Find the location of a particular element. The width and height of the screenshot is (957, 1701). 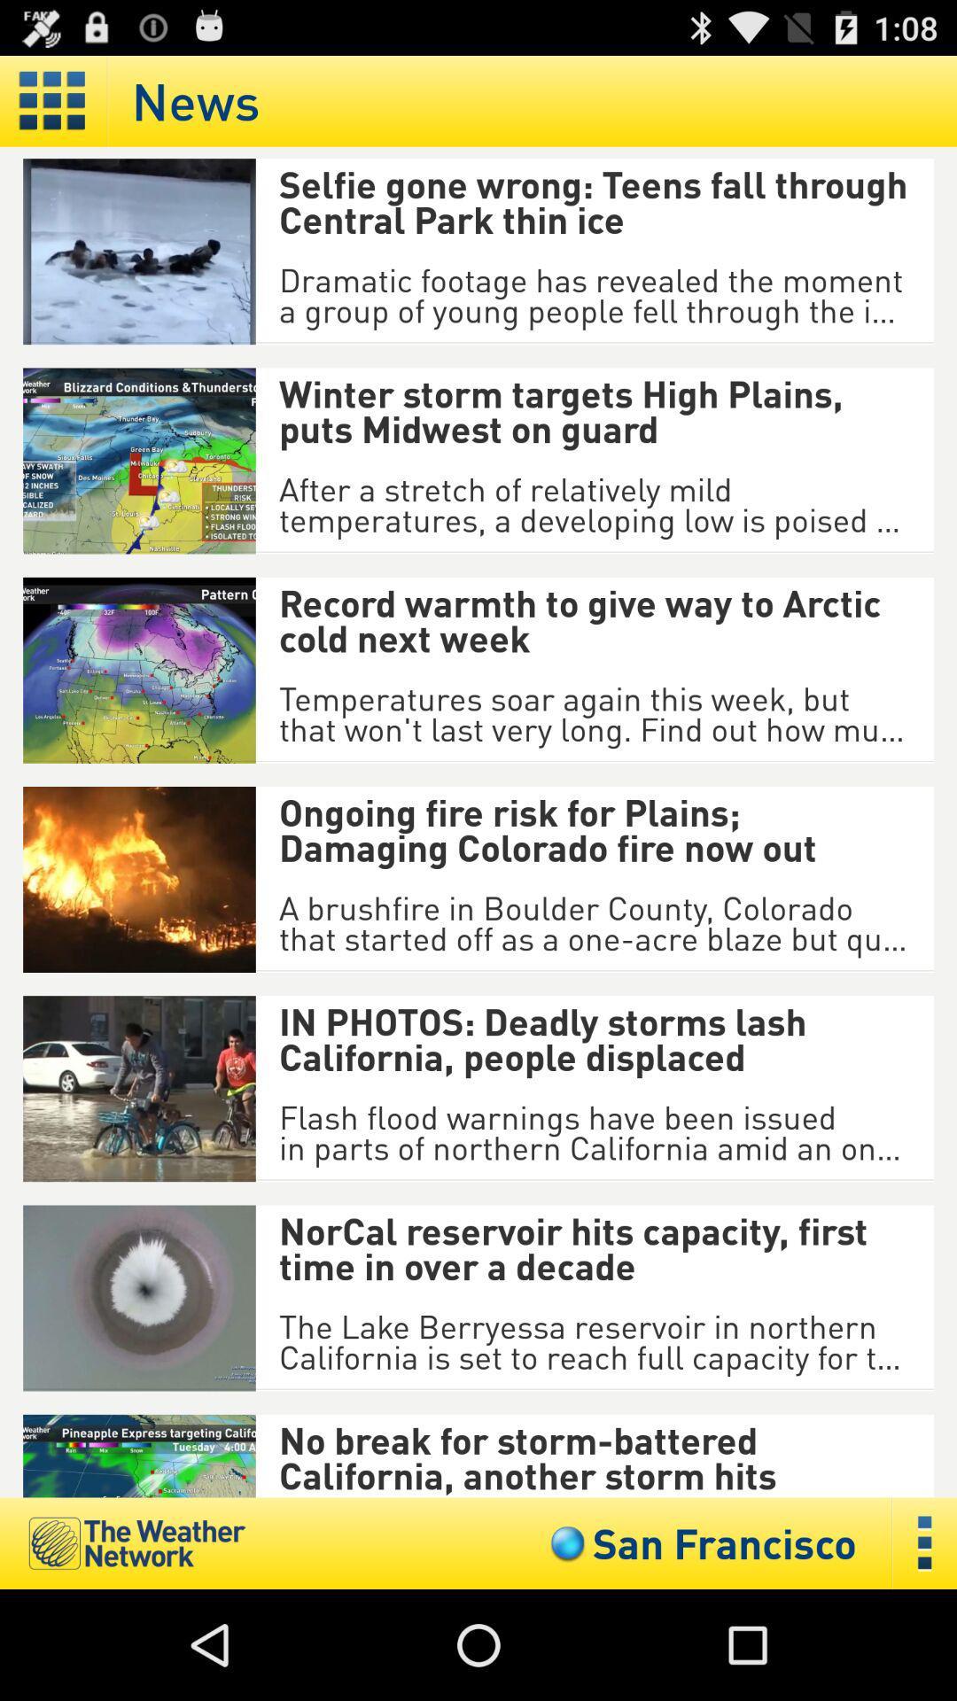

the more icon is located at coordinates (924, 1651).